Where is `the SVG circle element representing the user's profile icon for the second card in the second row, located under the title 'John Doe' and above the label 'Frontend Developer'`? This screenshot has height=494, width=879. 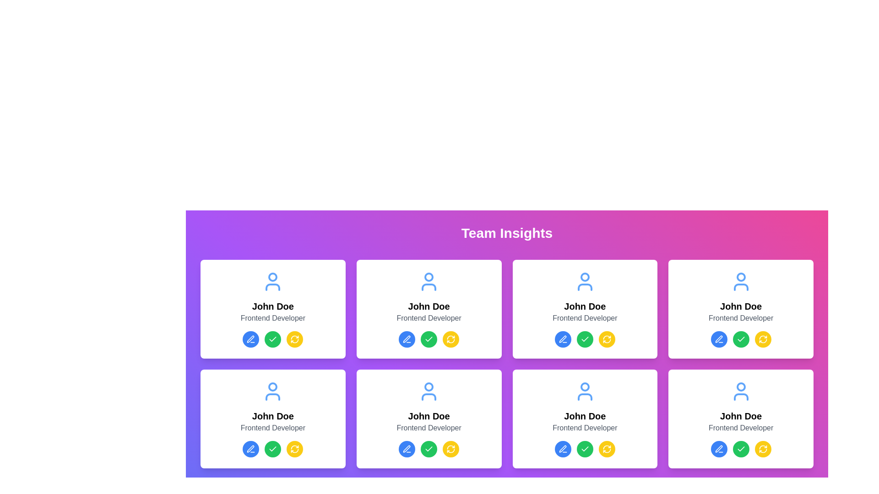
the SVG circle element representing the user's profile icon for the second card in the second row, located under the title 'John Doe' and above the label 'Frontend Developer' is located at coordinates (584, 276).